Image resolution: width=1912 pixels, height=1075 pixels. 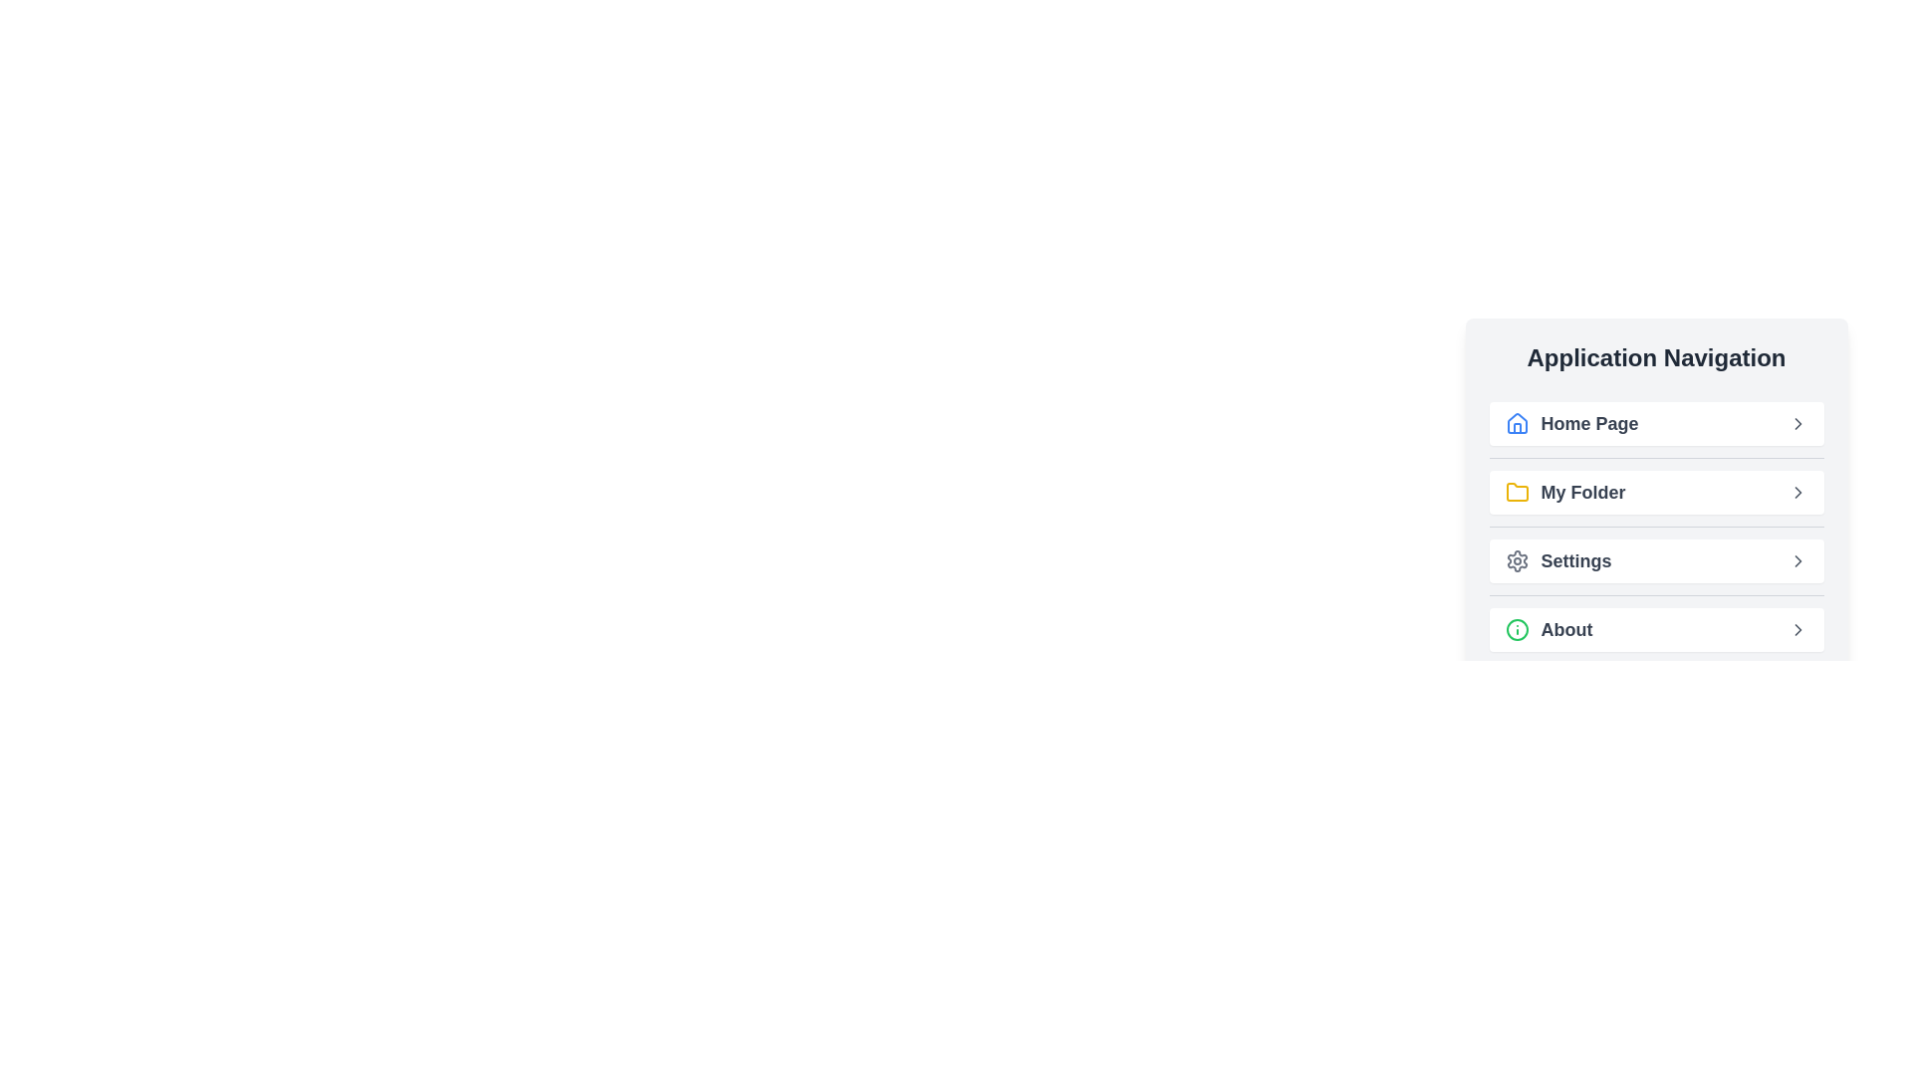 What do you see at coordinates (1556, 560) in the screenshot?
I see `the third item` at bounding box center [1556, 560].